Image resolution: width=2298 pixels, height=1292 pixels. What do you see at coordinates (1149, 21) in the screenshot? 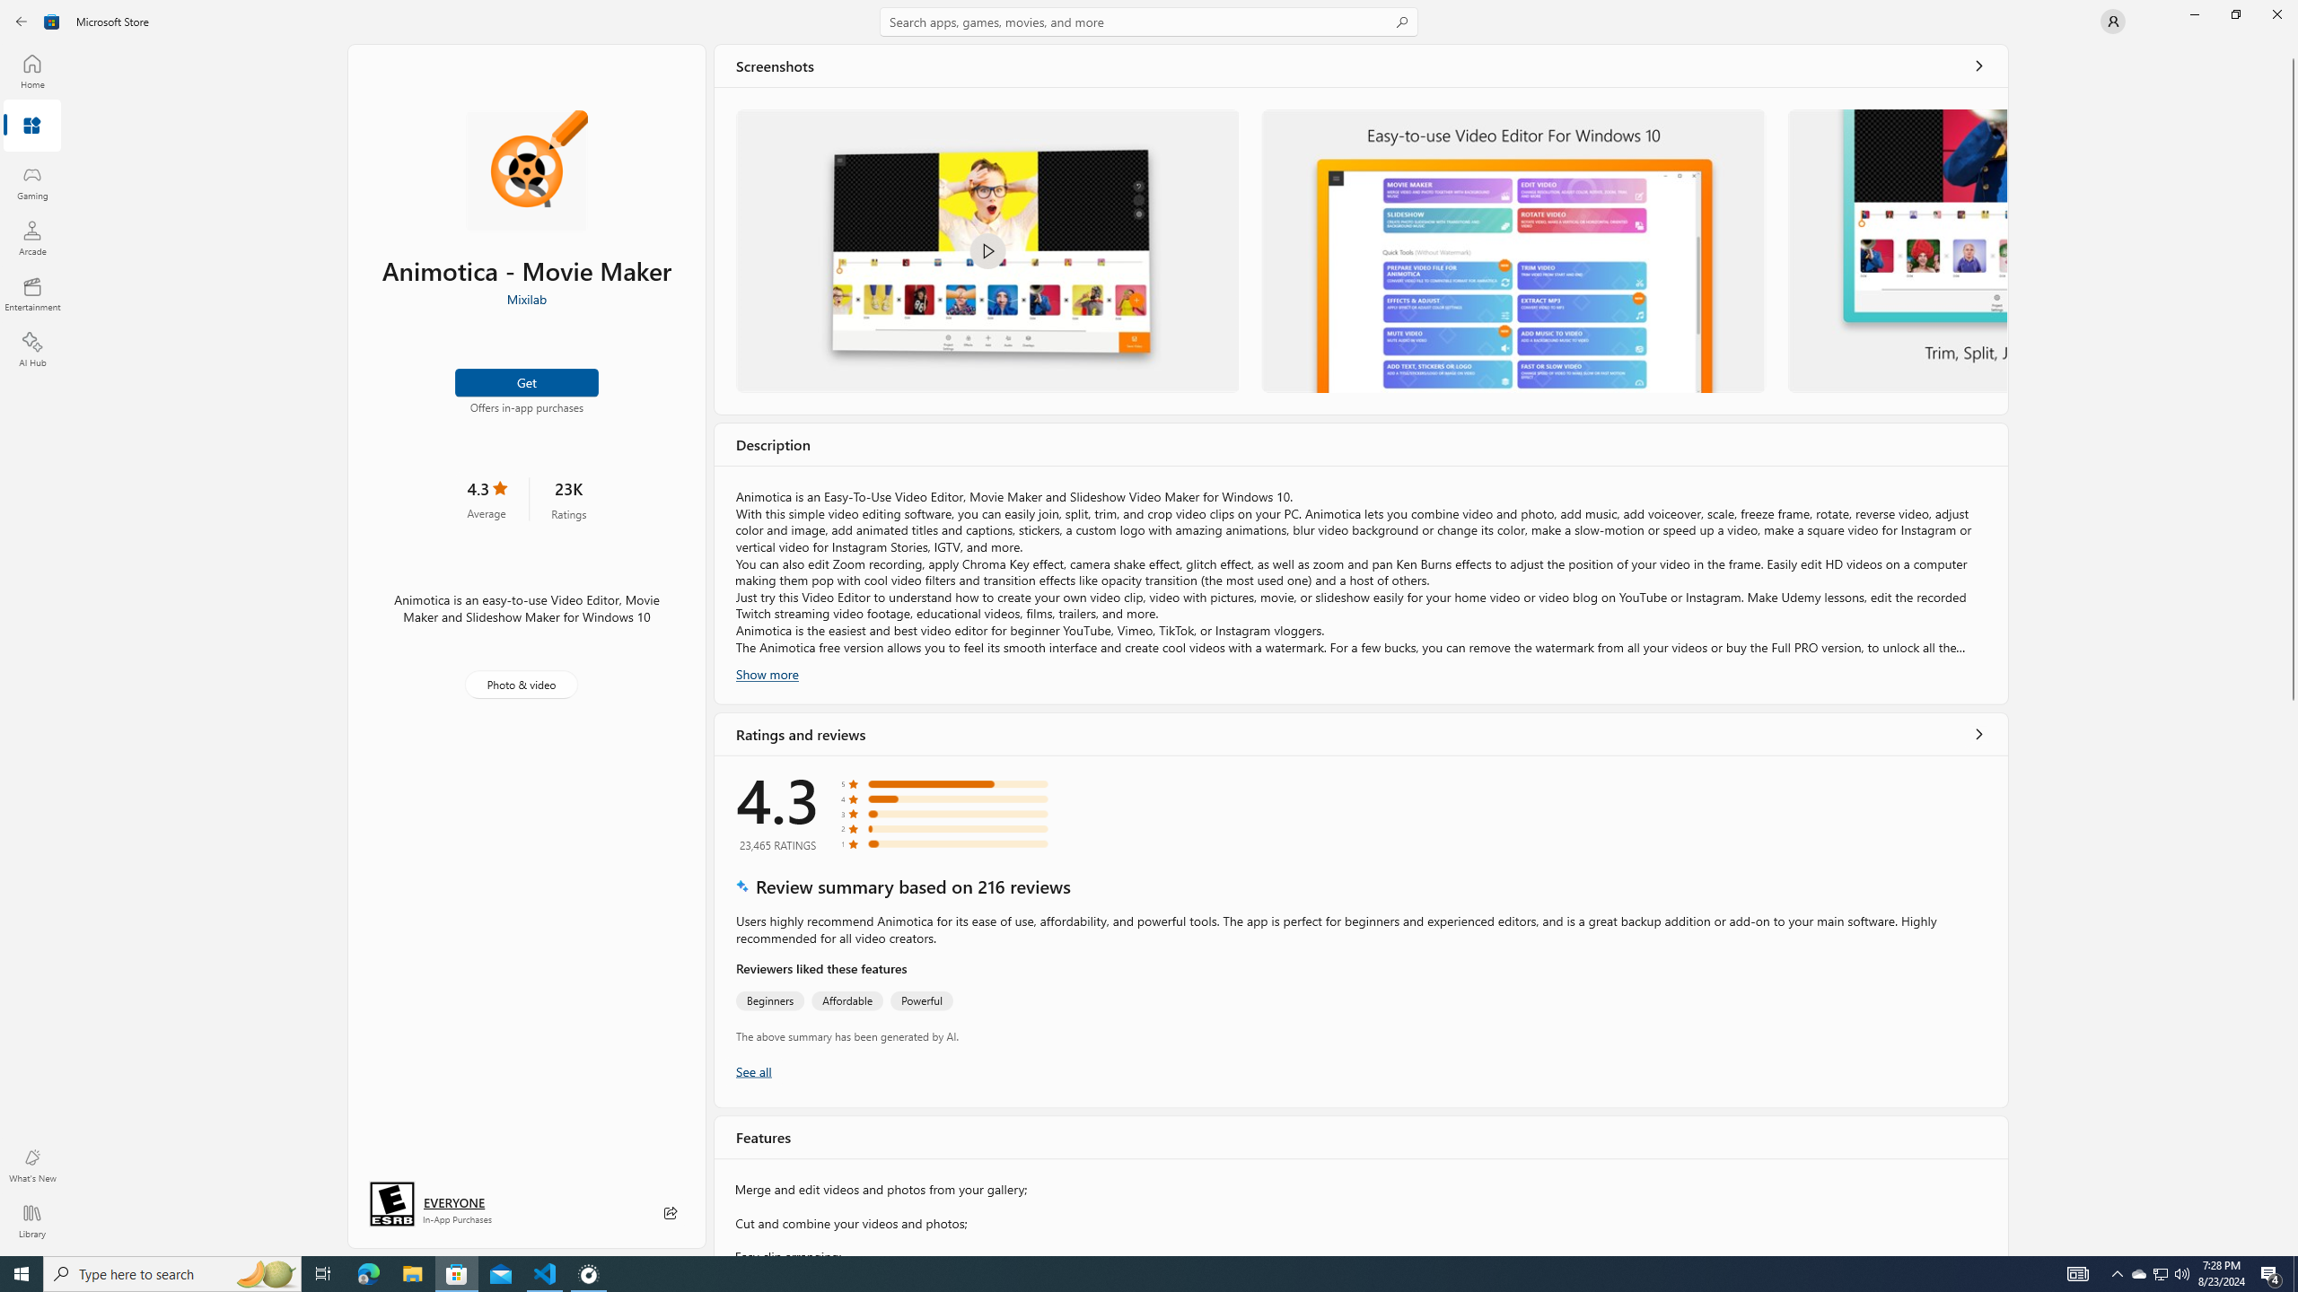
I see `'Search'` at bounding box center [1149, 21].